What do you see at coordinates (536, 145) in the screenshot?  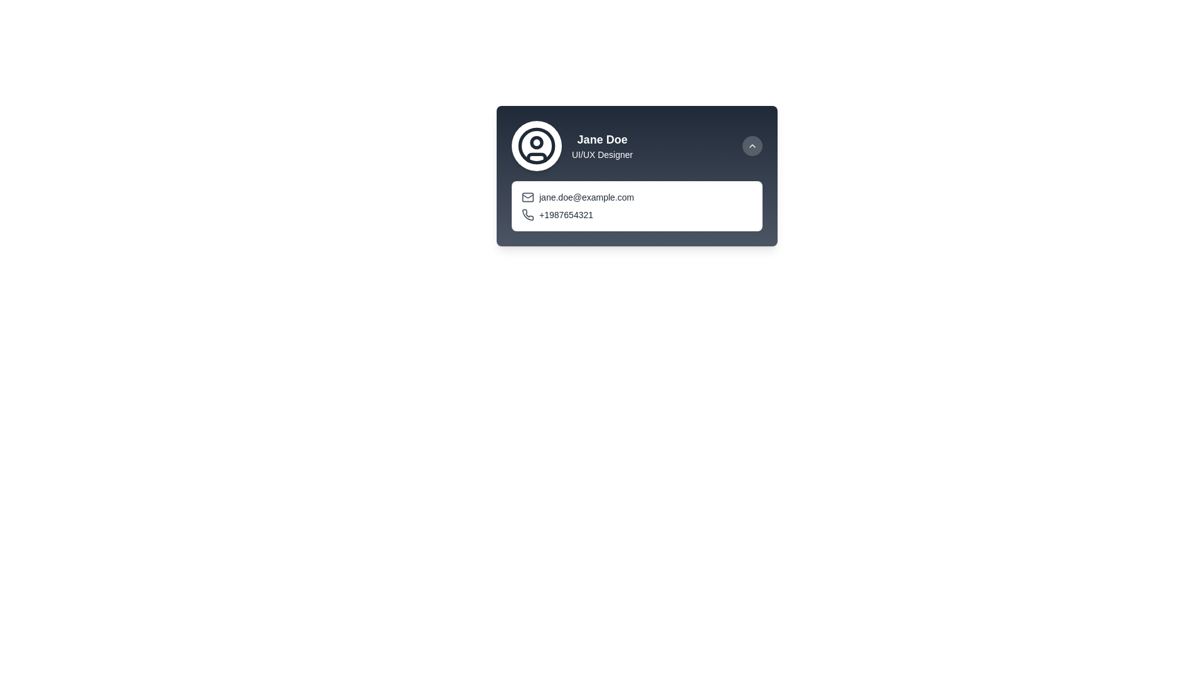 I see `the circular profile picture icon with a white background and shadow effect located to the left of the 'Jane Doe' text` at bounding box center [536, 145].